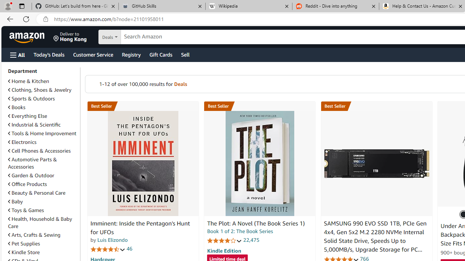  Describe the element at coordinates (39, 150) in the screenshot. I see `'Cell Phones & Accessories'` at that location.